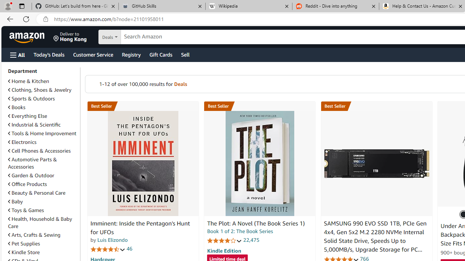  Describe the element at coordinates (39, 150) in the screenshot. I see `'Cell Phones & Accessories'` at that location.